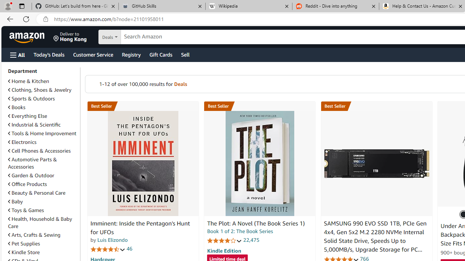  Describe the element at coordinates (39, 150) in the screenshot. I see `'Cell Phones & Accessories'` at that location.